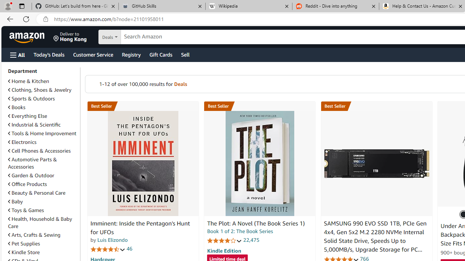  Describe the element at coordinates (39, 150) in the screenshot. I see `'Cell Phones & Accessories'` at that location.